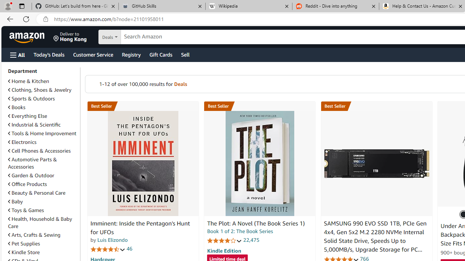  Describe the element at coordinates (39, 150) in the screenshot. I see `'Cell Phones & Accessories'` at that location.